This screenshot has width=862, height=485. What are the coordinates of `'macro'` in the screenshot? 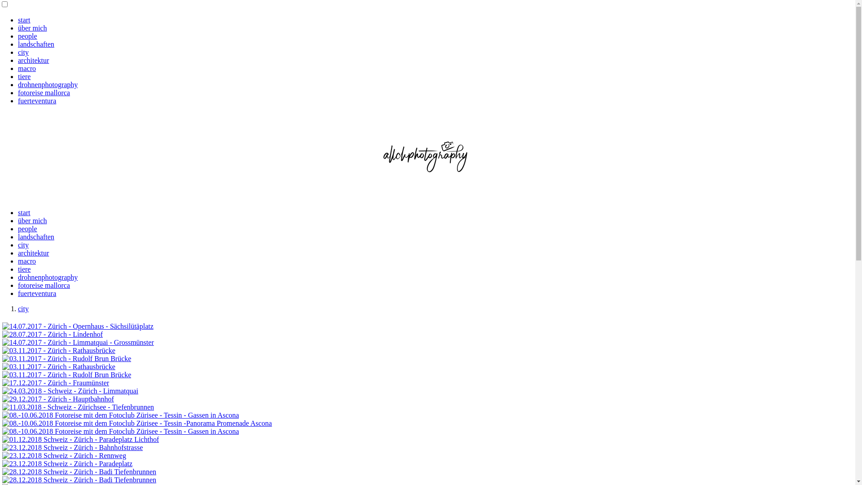 It's located at (26, 261).